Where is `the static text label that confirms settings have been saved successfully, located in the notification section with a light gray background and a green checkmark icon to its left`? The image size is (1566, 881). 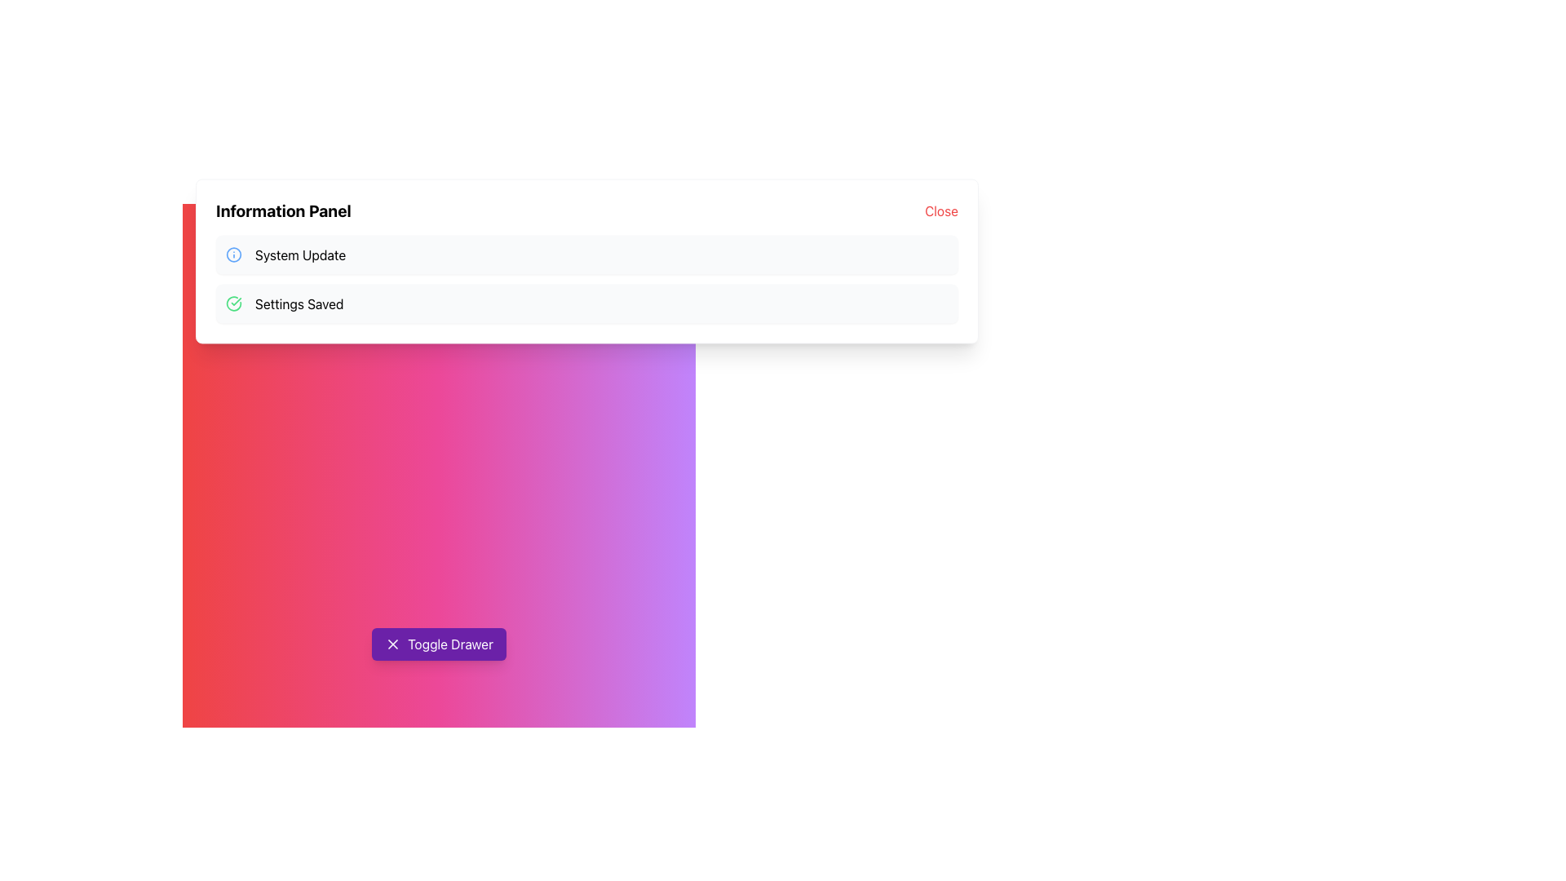
the static text label that confirms settings have been saved successfully, located in the notification section with a light gray background and a green checkmark icon to its left is located at coordinates (299, 303).